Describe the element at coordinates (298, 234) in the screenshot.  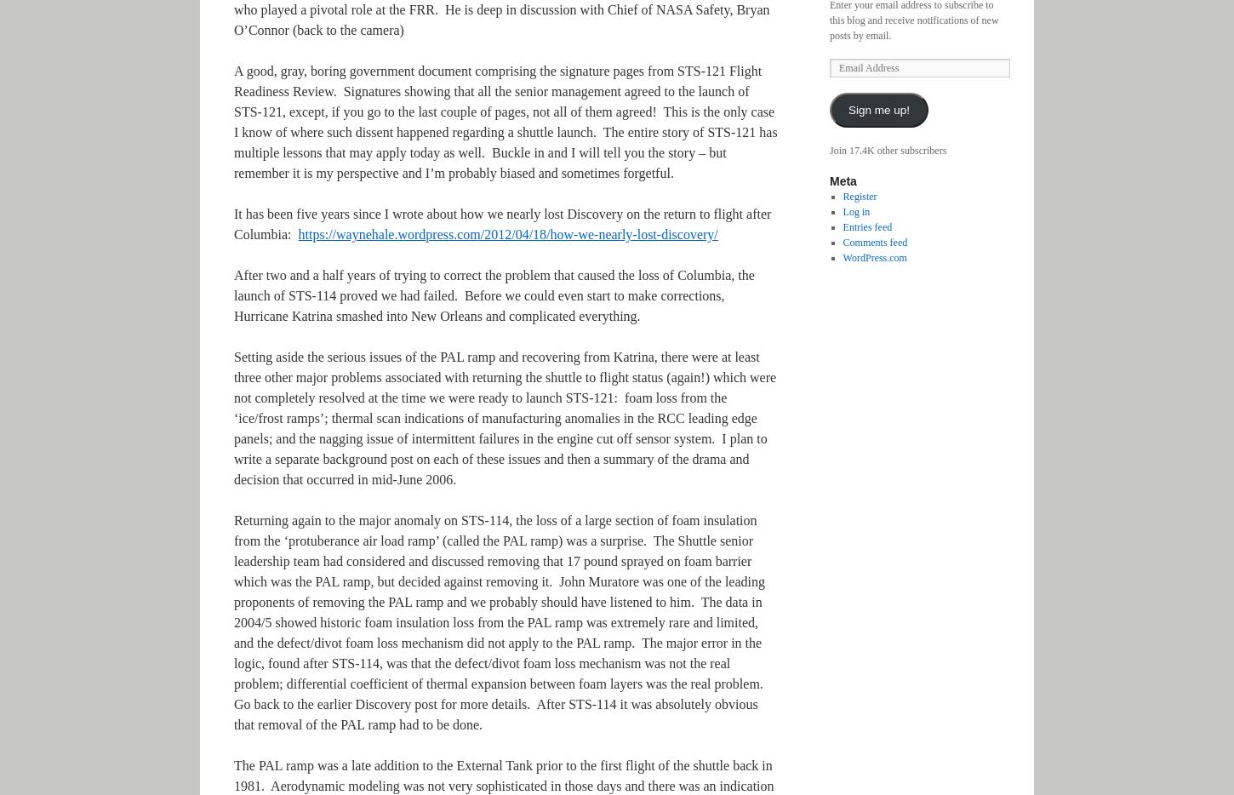
I see `'https://waynehale.wordpress.com/2012/04/18/how-we-nearly-lost-discovery/'` at that location.